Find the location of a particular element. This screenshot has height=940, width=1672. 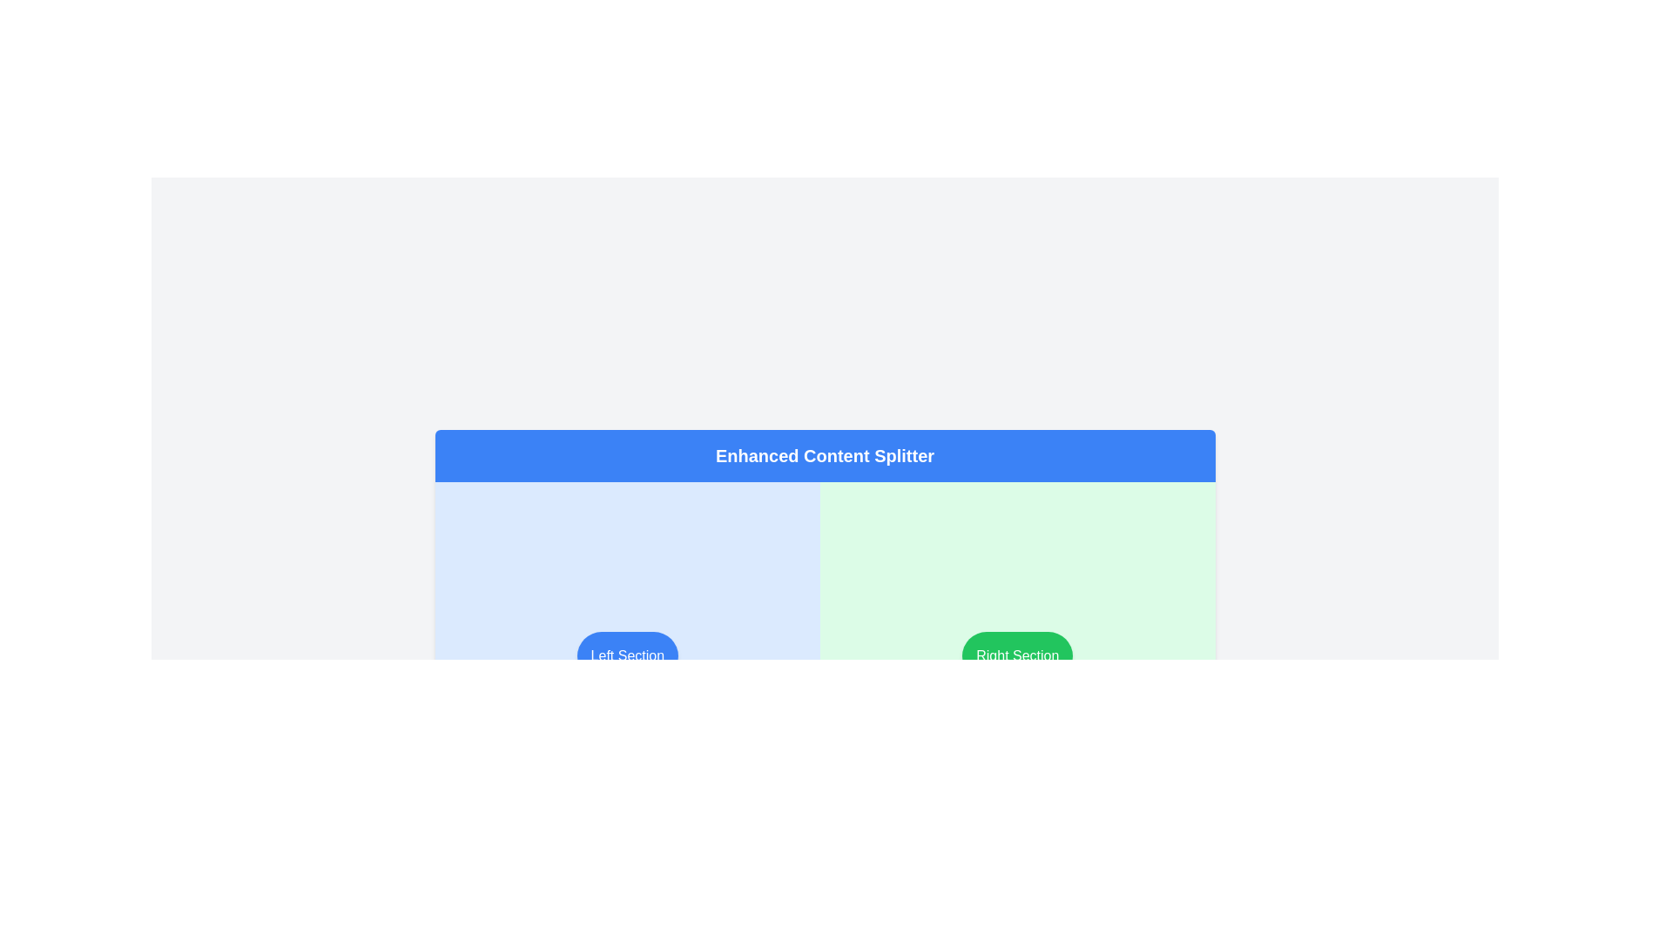

the blue rectangular header labeled 'Enhanced Content Splitter' which is located at the top of the card structure is located at coordinates (824, 455).